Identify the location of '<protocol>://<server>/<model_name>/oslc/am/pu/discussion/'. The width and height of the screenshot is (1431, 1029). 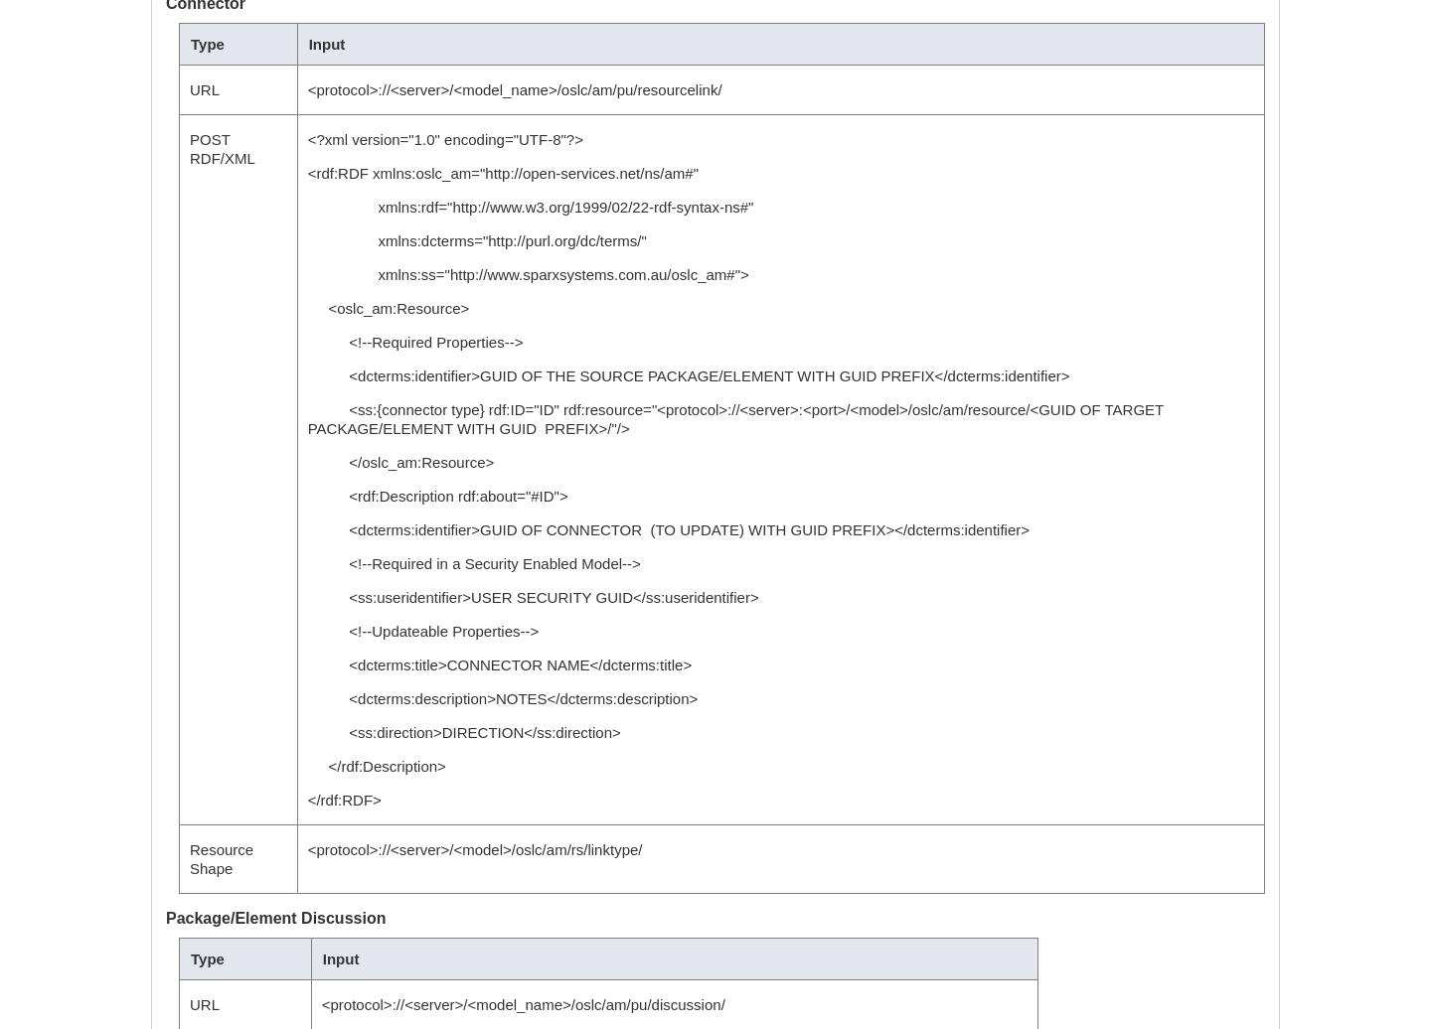
(320, 1004).